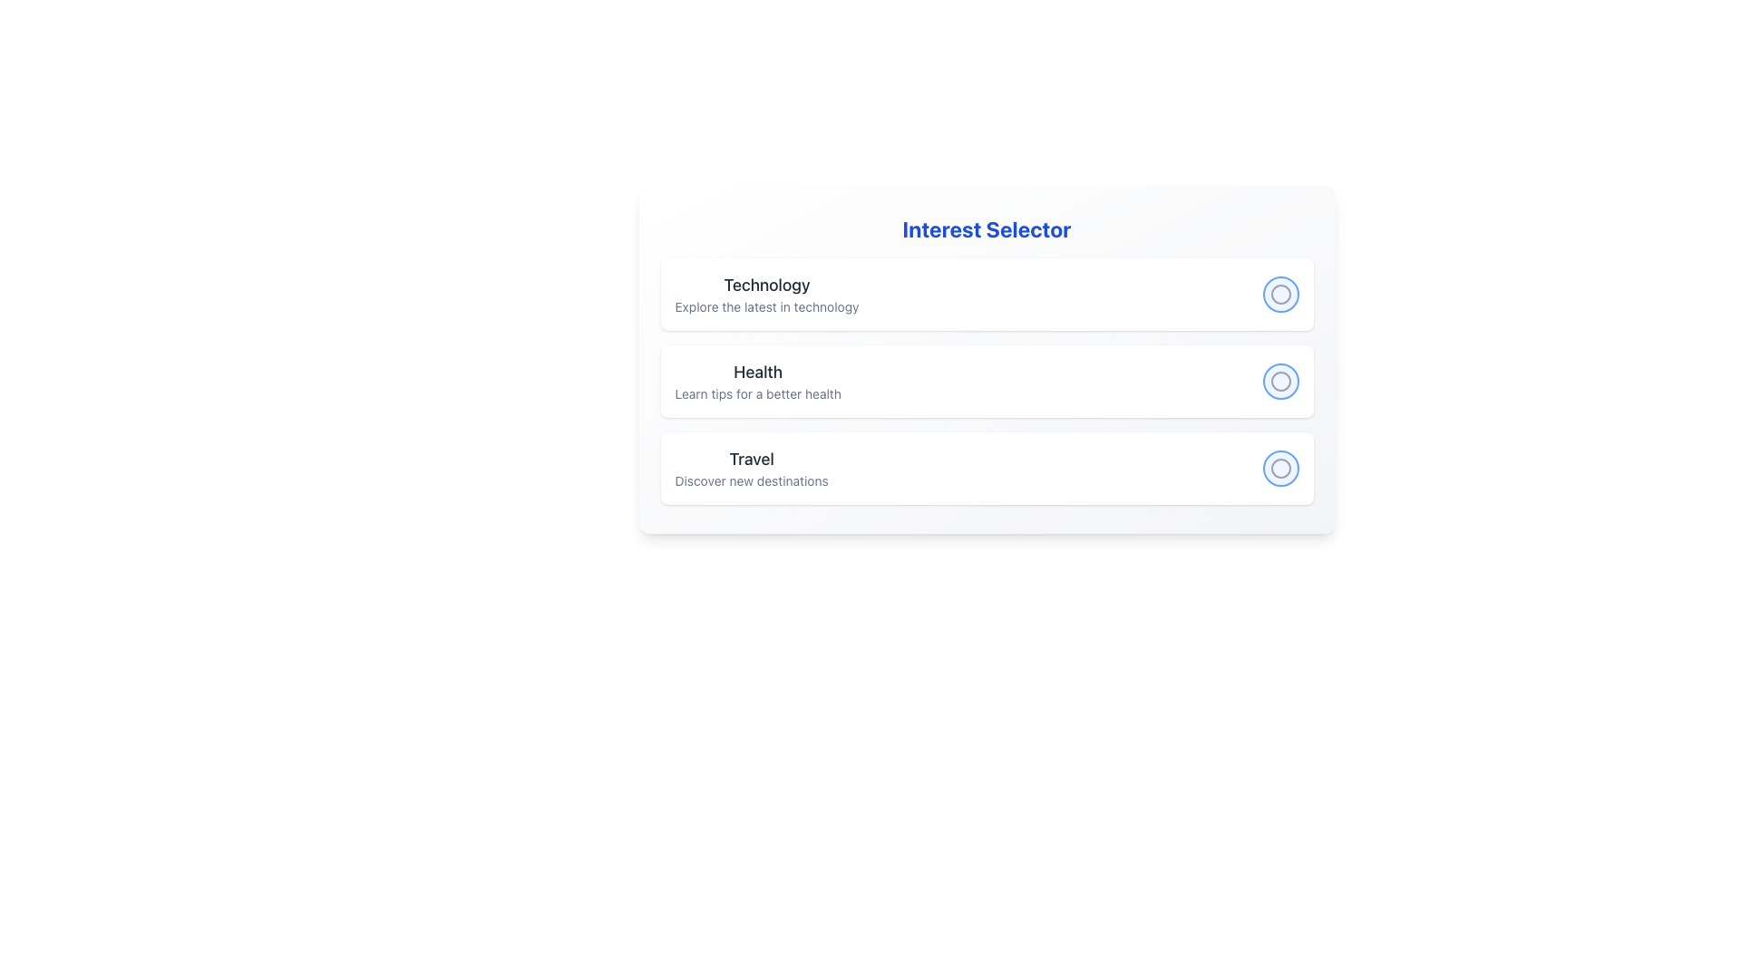 This screenshot has width=1741, height=979. Describe the element at coordinates (1279, 467) in the screenshot. I see `the third circular icon from the top in the 'Interest Selector' list, which has a gray border and transparent center` at that location.